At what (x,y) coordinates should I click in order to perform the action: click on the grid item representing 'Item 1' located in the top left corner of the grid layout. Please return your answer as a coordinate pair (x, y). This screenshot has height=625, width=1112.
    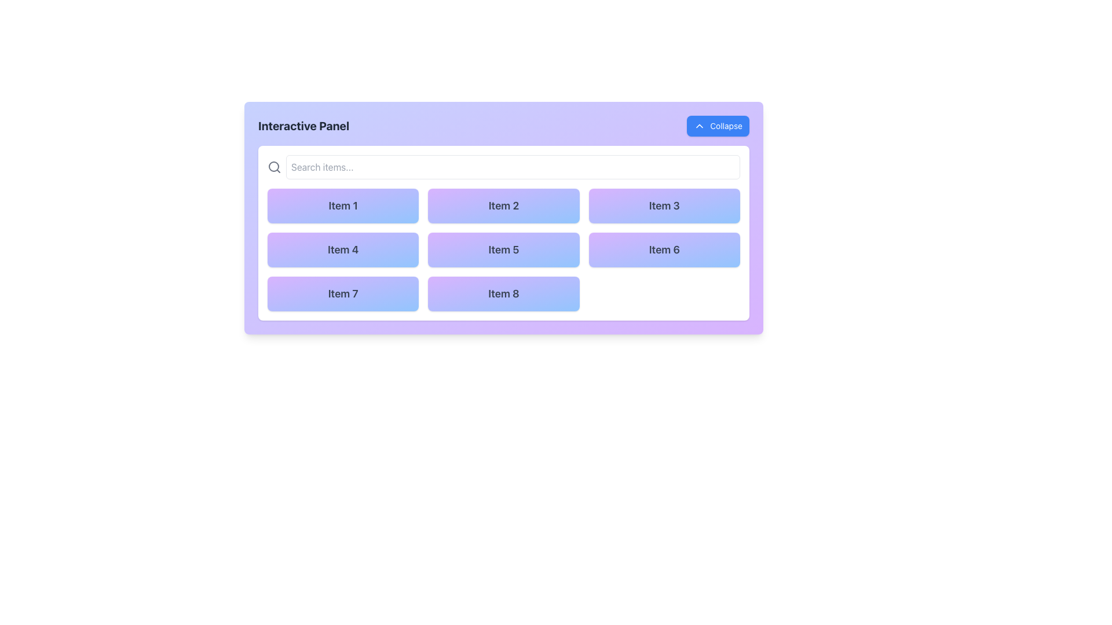
    Looking at the image, I should click on (342, 205).